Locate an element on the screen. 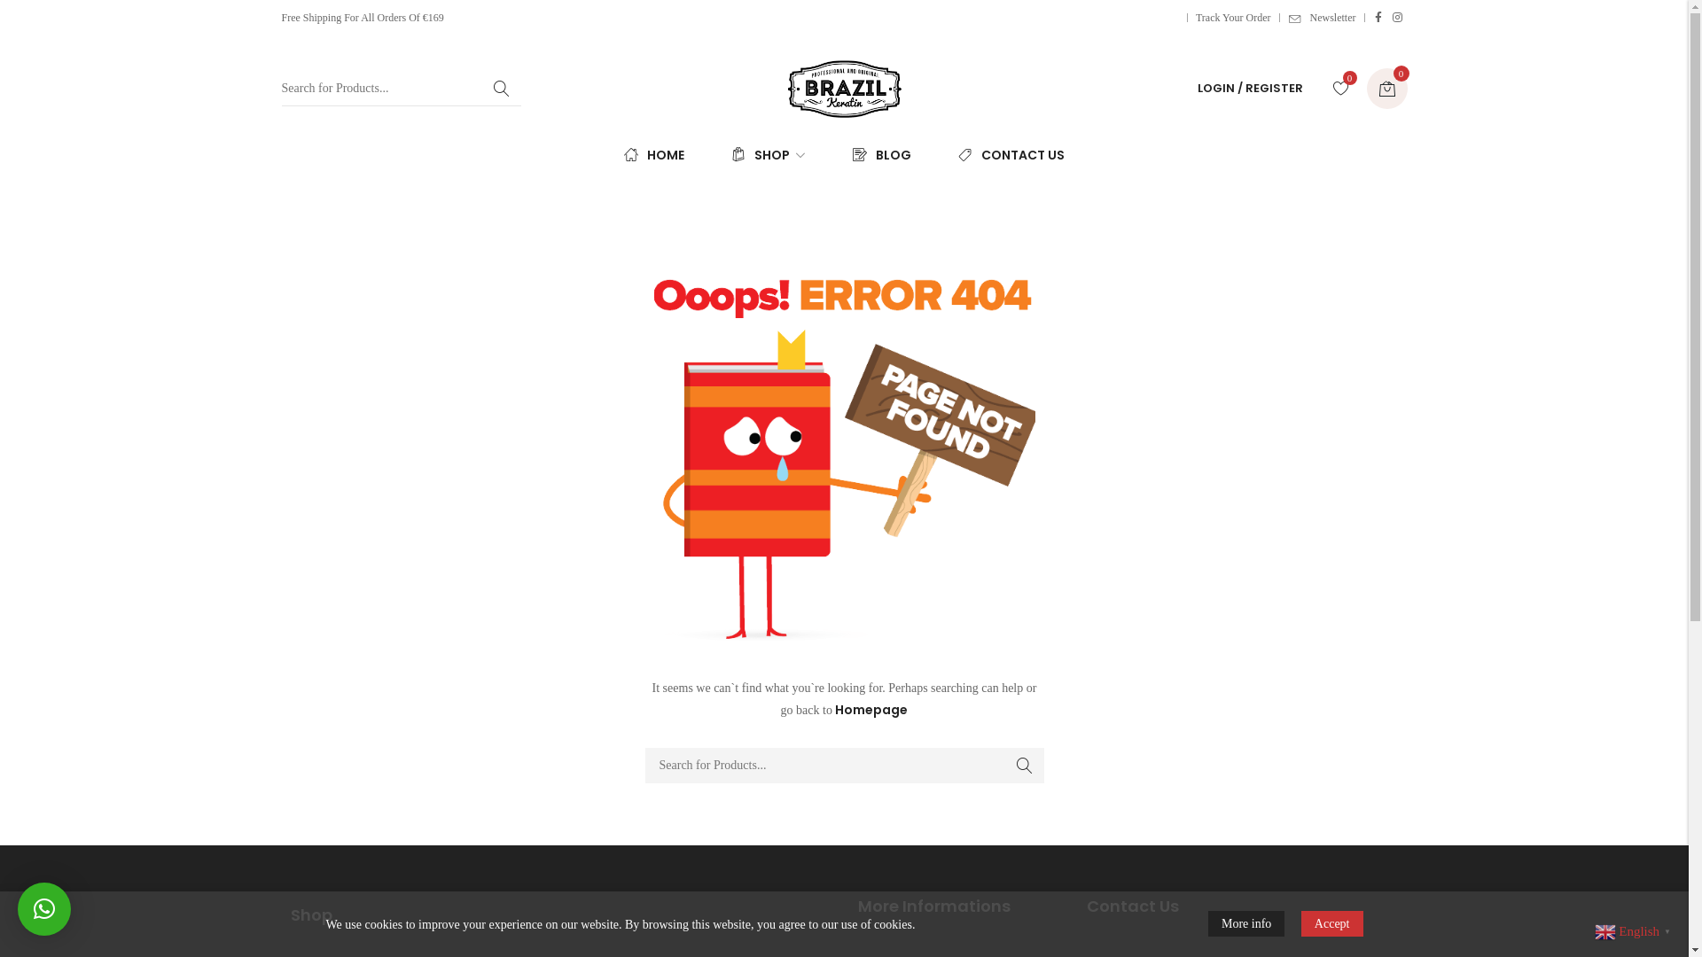  'LOGIN / REGISTER' is located at coordinates (1248, 89).